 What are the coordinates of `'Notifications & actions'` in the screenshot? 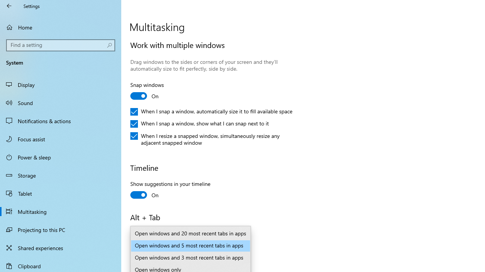 It's located at (61, 121).